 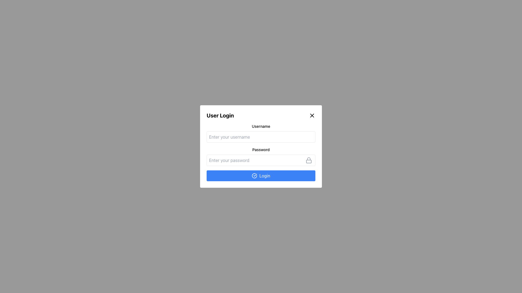 I want to click on the Text Input Field for 'Username' by tabbing to it, so click(x=261, y=137).